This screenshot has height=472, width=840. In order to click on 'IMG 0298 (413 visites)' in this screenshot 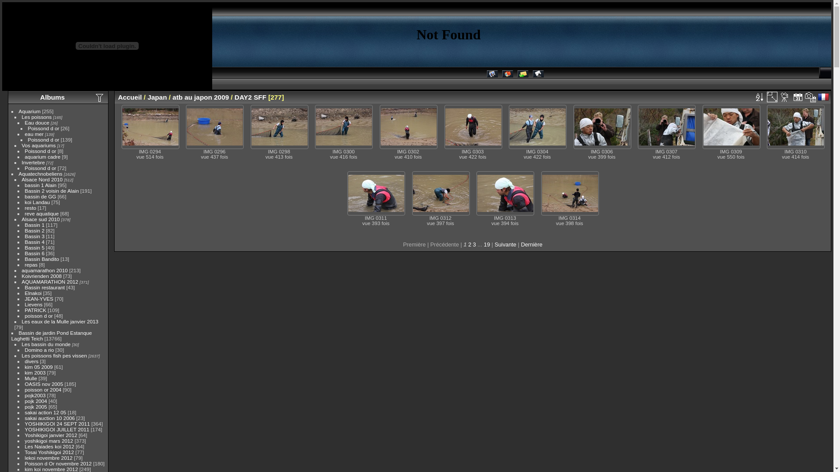, I will do `click(279, 127)`.